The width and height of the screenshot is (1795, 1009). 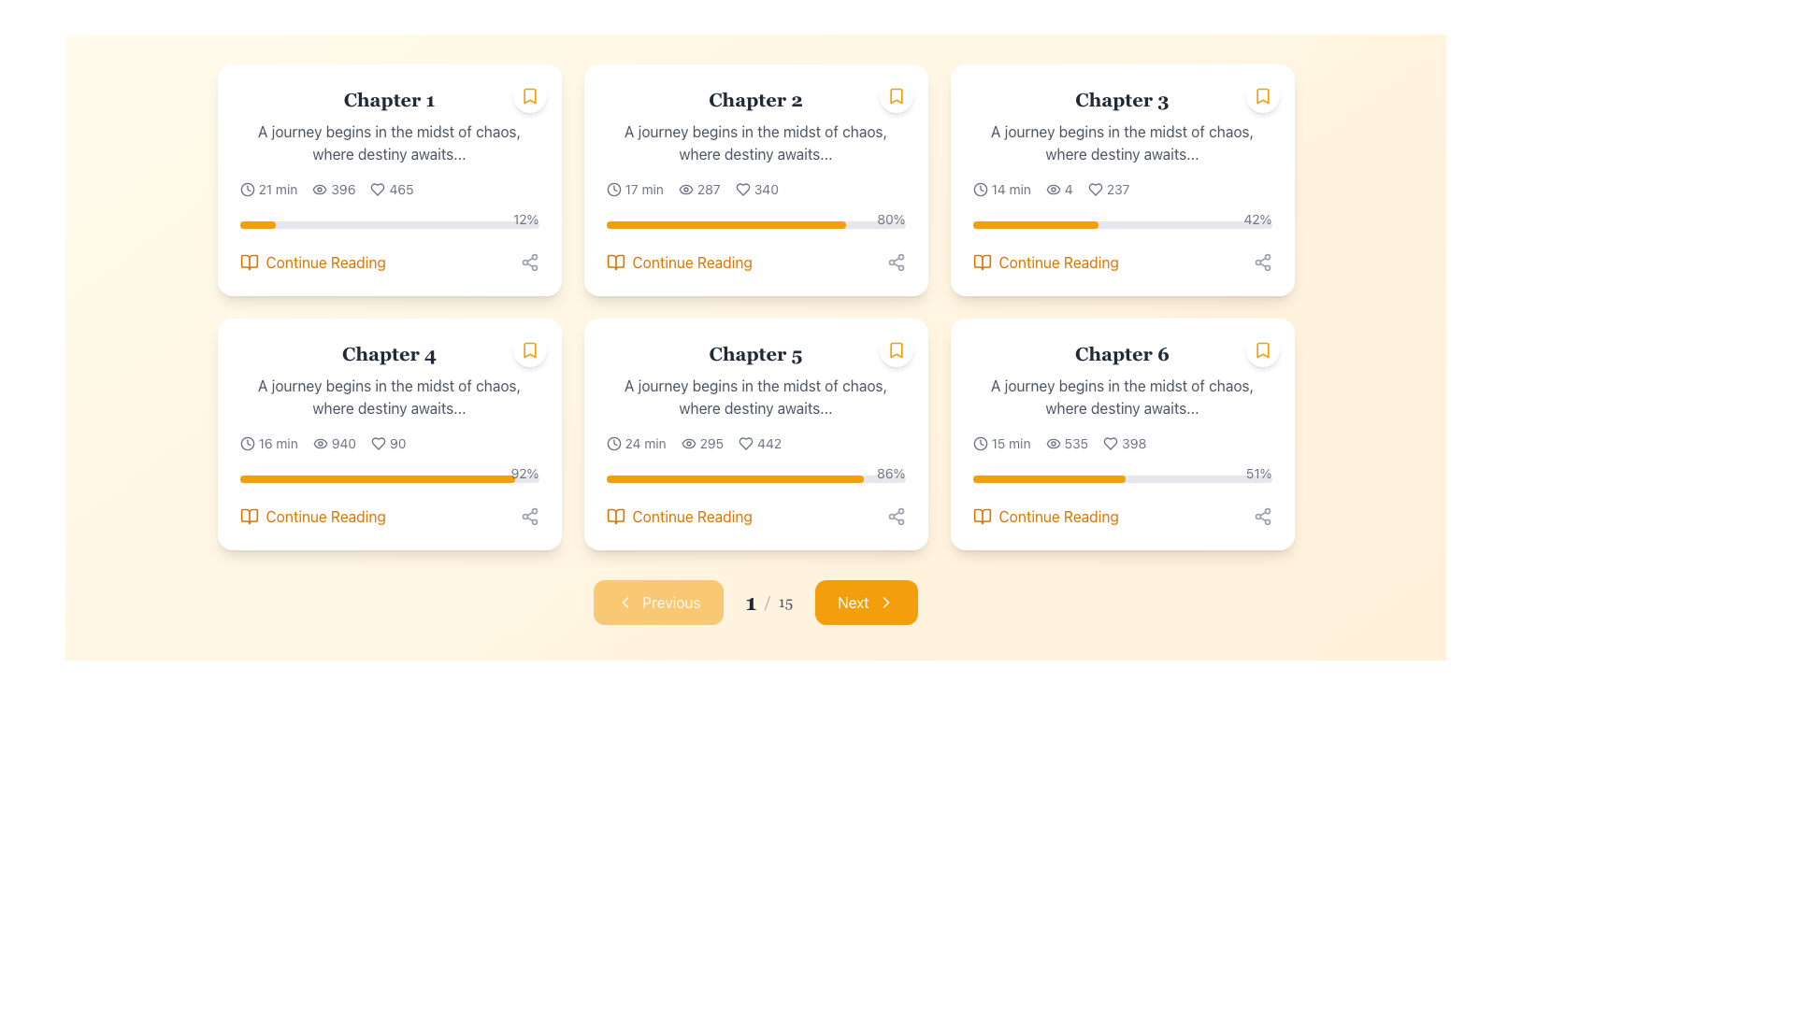 What do you see at coordinates (343, 190) in the screenshot?
I see `the text label displaying the number '396', which is styled in grey and located to the right of an eye icon within a compact row of elements under the 'Chapter 1' card` at bounding box center [343, 190].